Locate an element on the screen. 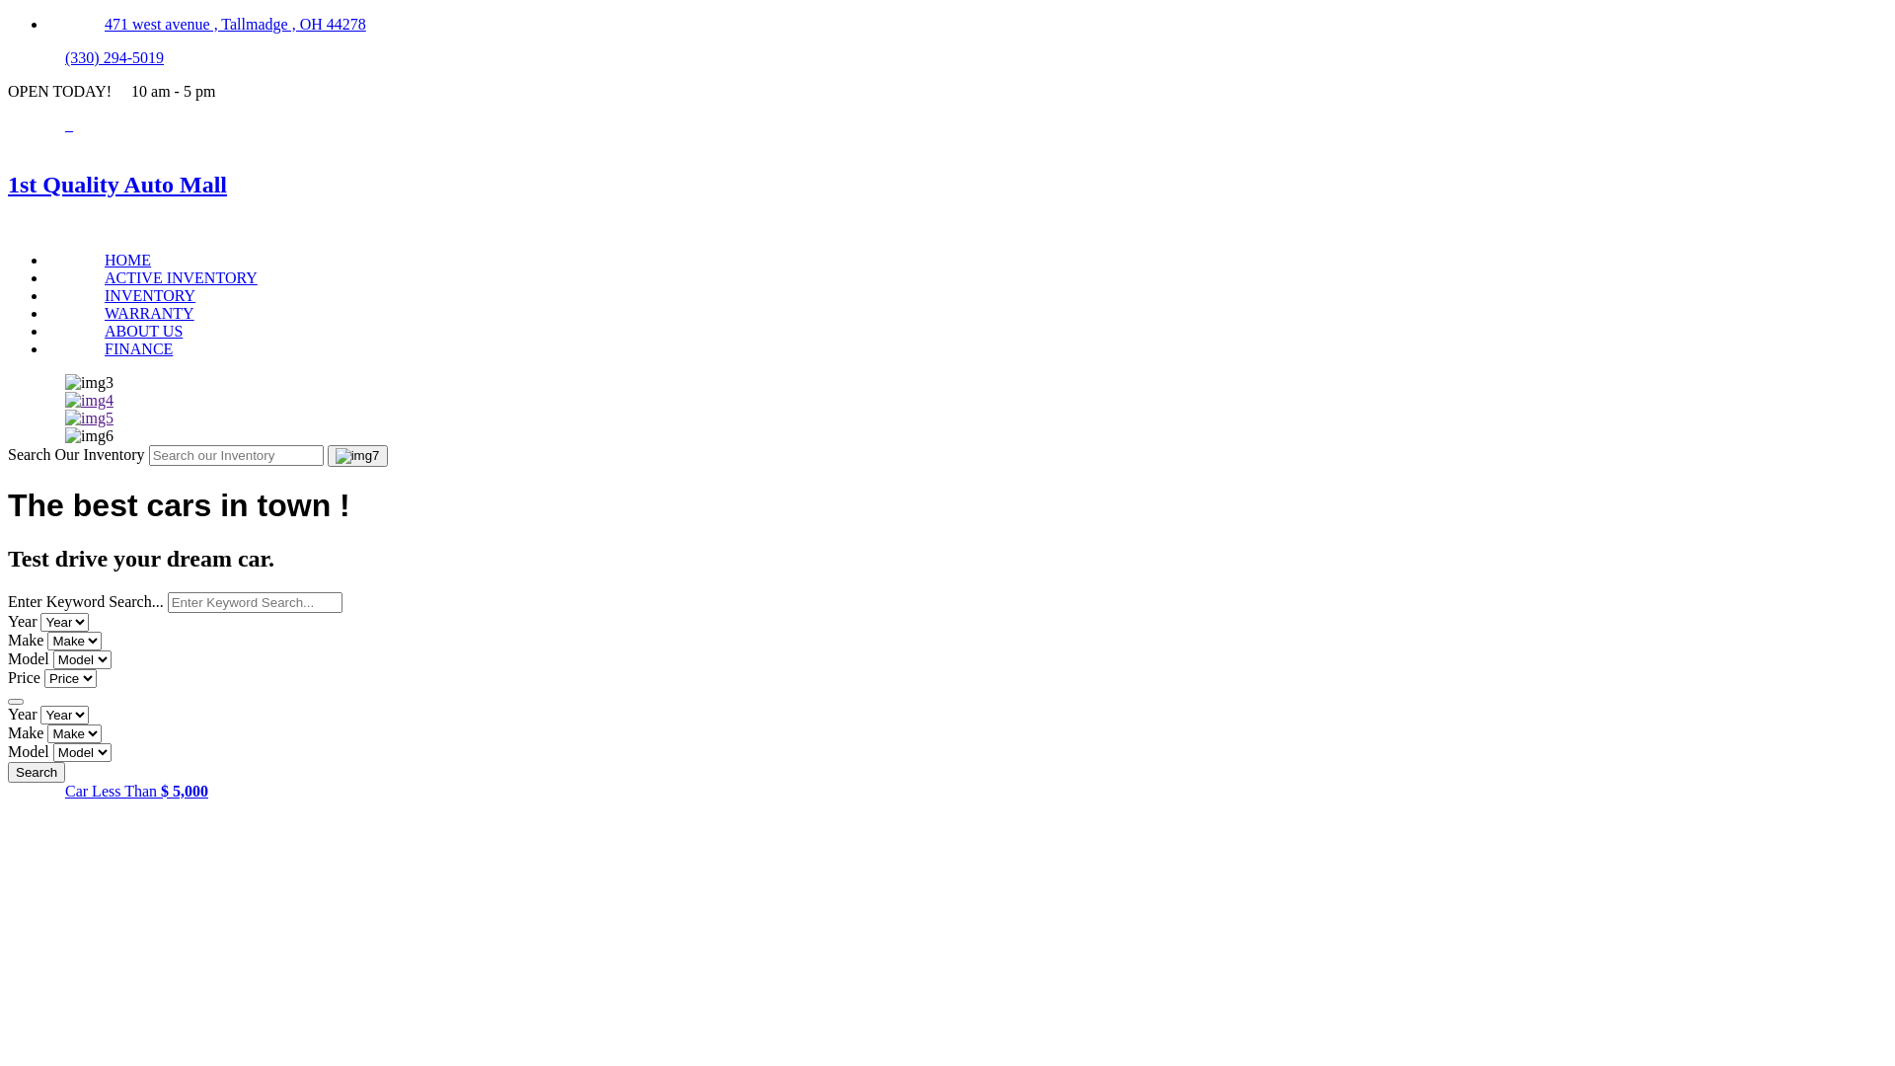 The width and height of the screenshot is (1895, 1066). 'Car Less Than $ 5,000' is located at coordinates (135, 790).